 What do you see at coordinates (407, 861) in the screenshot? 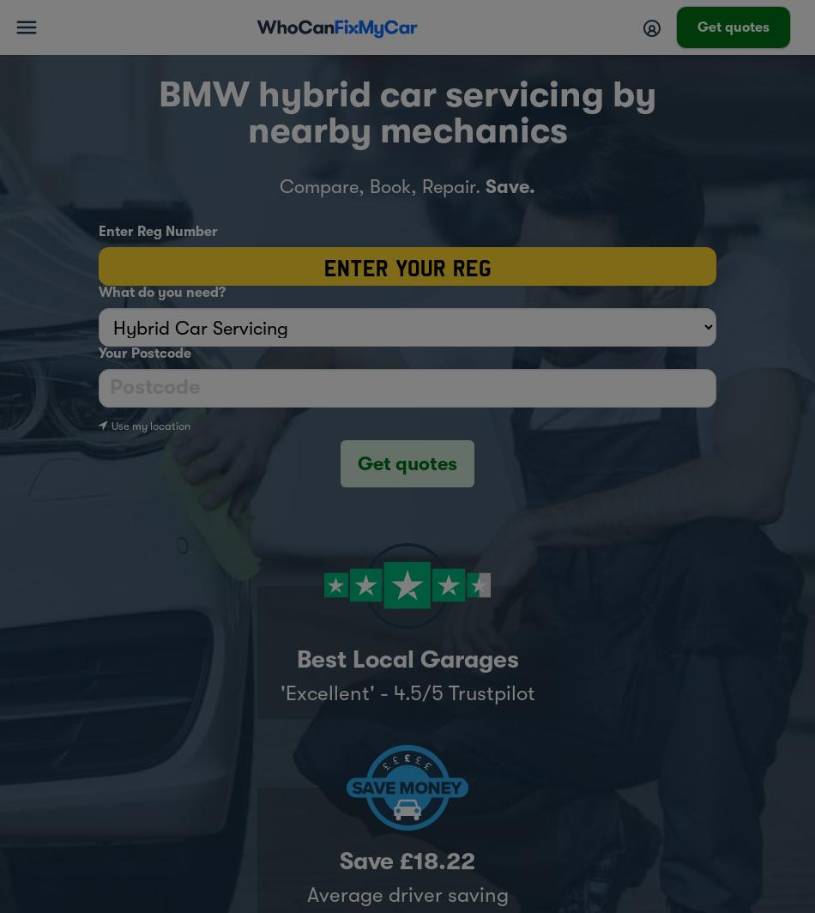
I see `'Save £18.22'` at bounding box center [407, 861].